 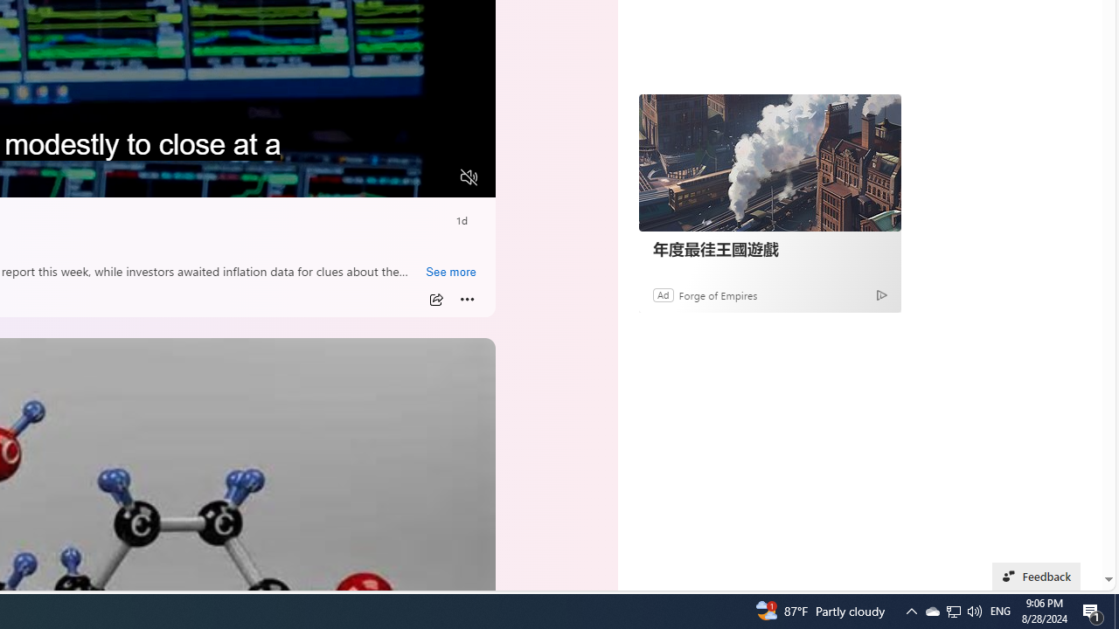 I want to click on 'Fullscreen', so click(x=434, y=177).